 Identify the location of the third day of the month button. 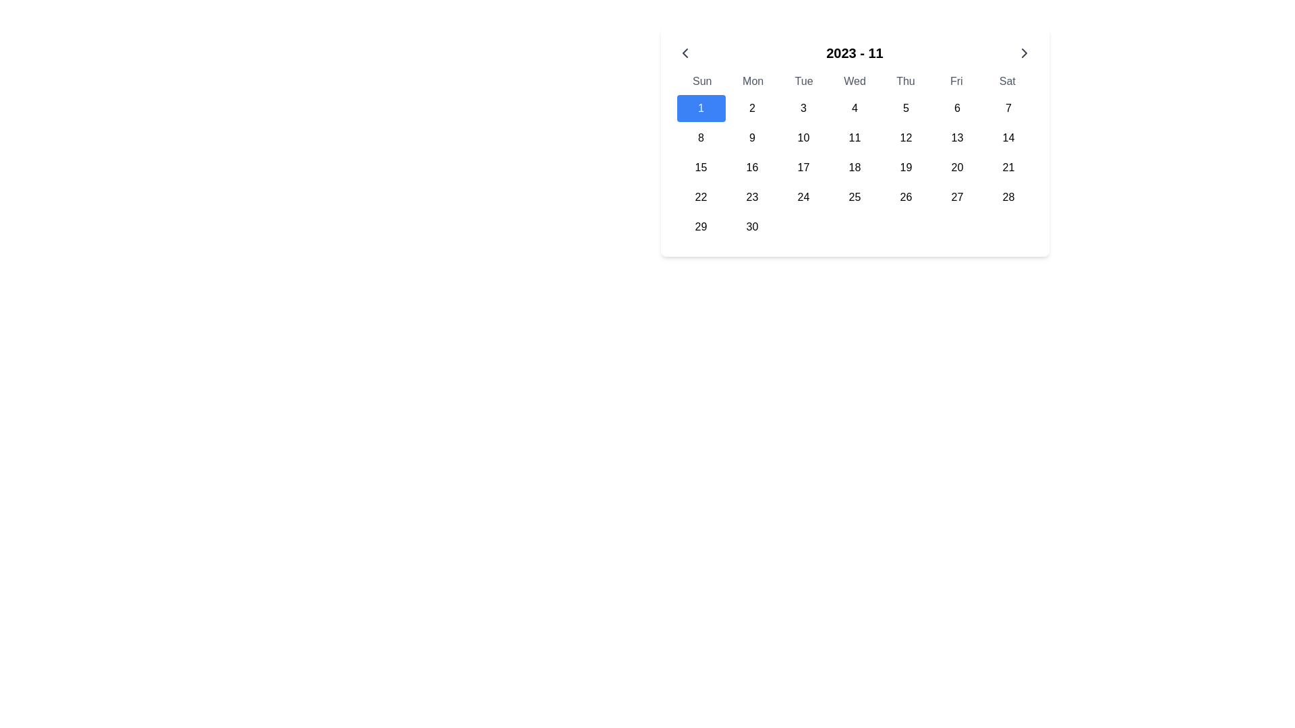
(803, 108).